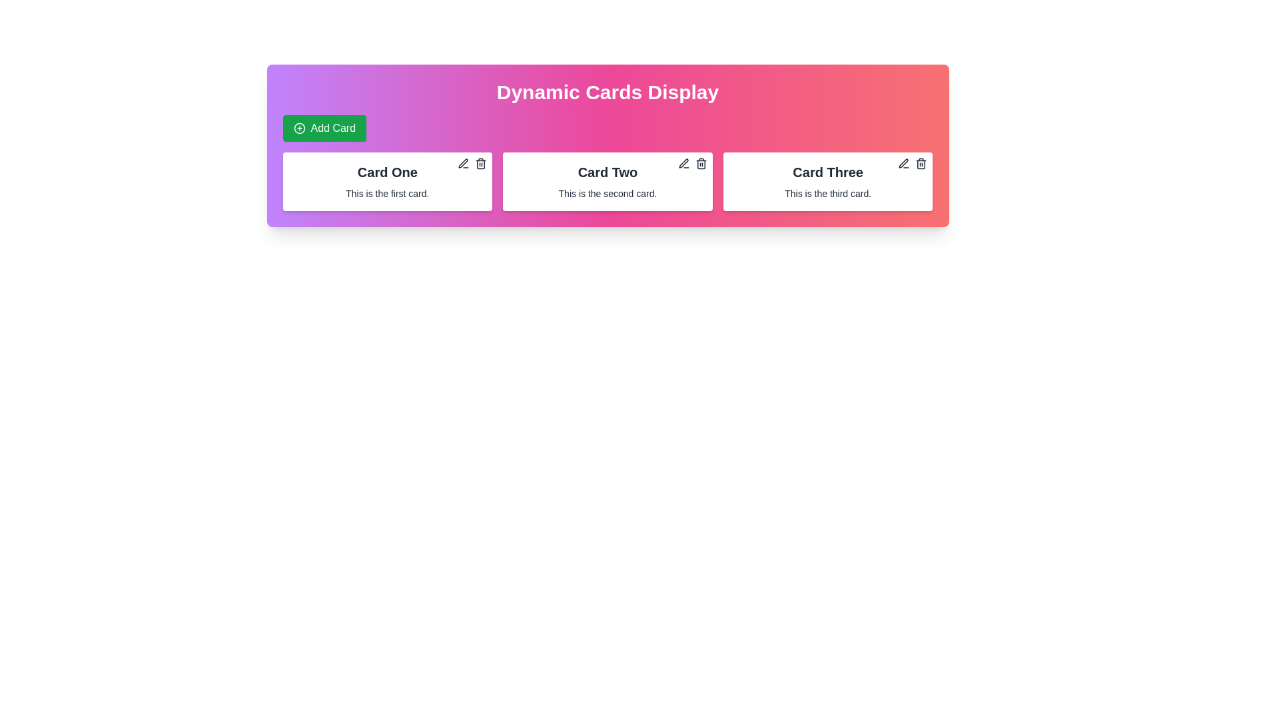  What do you see at coordinates (683, 162) in the screenshot?
I see `the pen-shaped icon in the top-right corner of the 'Card Two' section to initiate editing the card` at bounding box center [683, 162].